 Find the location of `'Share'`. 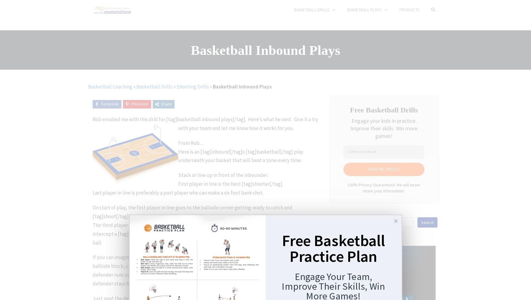

'Share' is located at coordinates (166, 104).